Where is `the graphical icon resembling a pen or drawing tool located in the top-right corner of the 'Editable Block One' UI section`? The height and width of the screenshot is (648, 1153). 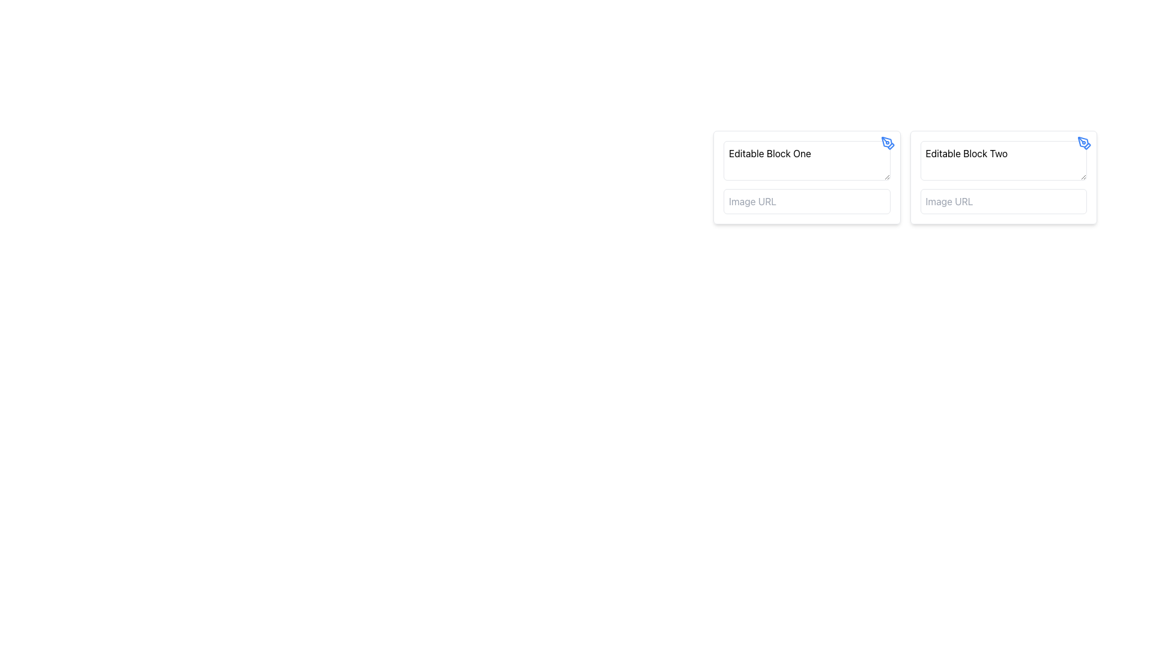
the graphical icon resembling a pen or drawing tool located in the top-right corner of the 'Editable Block One' UI section is located at coordinates (886, 141).